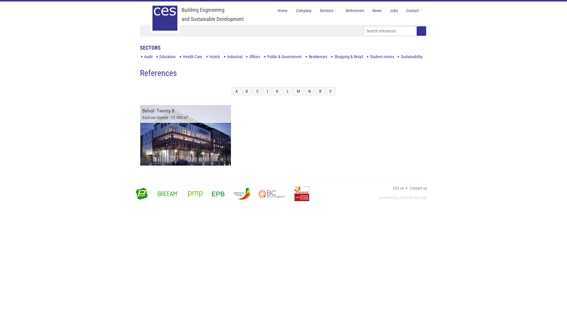 This screenshot has width=567, height=319. Describe the element at coordinates (252, 91) in the screenshot. I see `'C'` at that location.